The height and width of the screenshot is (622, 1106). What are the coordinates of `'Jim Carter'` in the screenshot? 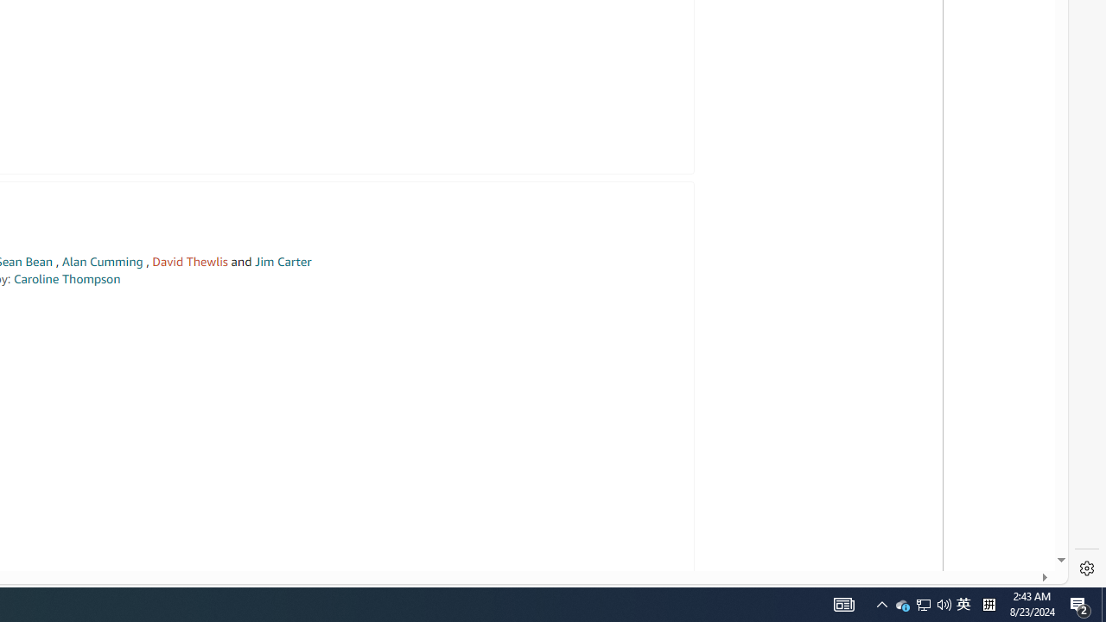 It's located at (283, 262).